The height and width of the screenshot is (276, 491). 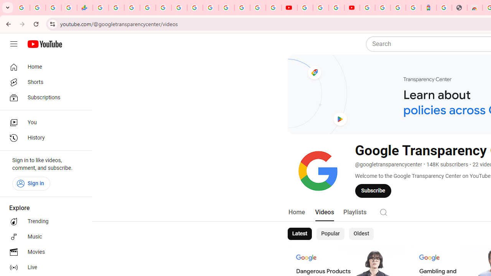 I want to click on 'Oldest', so click(x=361, y=233).